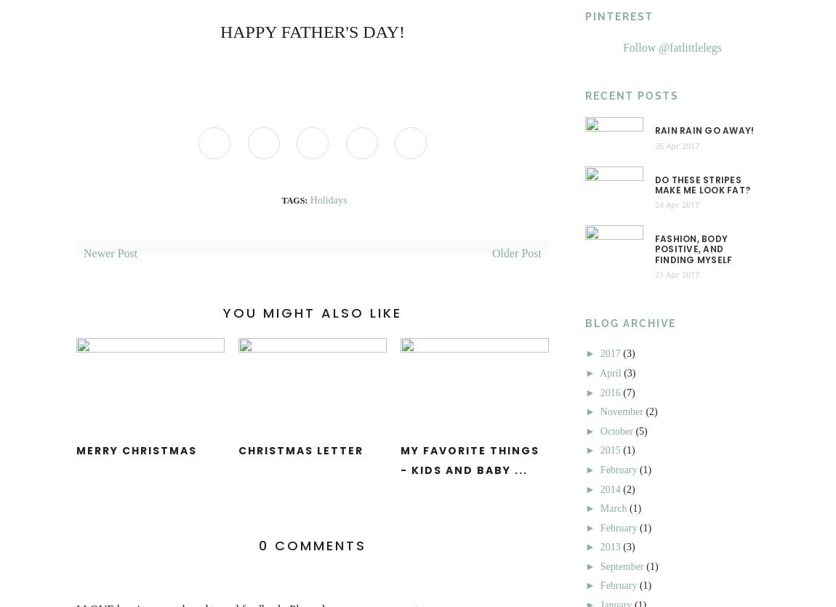 Image resolution: width=836 pixels, height=607 pixels. Describe the element at coordinates (632, 95) in the screenshot. I see `'recent posts'` at that location.